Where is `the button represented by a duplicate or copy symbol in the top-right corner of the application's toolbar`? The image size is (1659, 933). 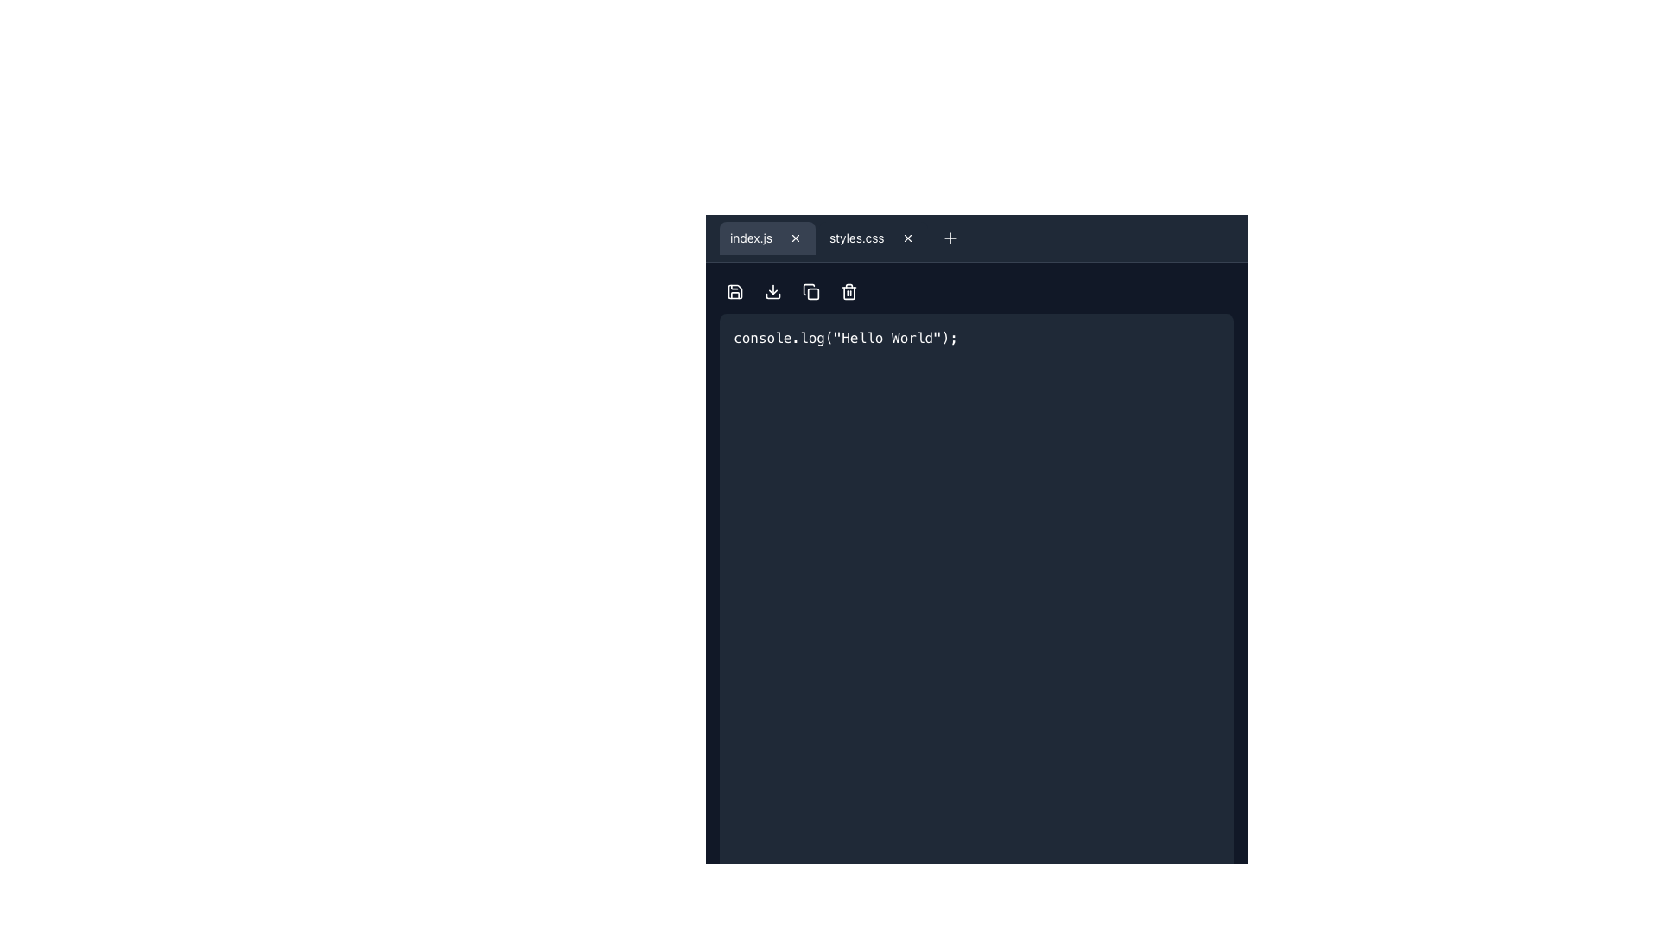
the button represented by a duplicate or copy symbol in the top-right corner of the application's toolbar is located at coordinates (810, 291).